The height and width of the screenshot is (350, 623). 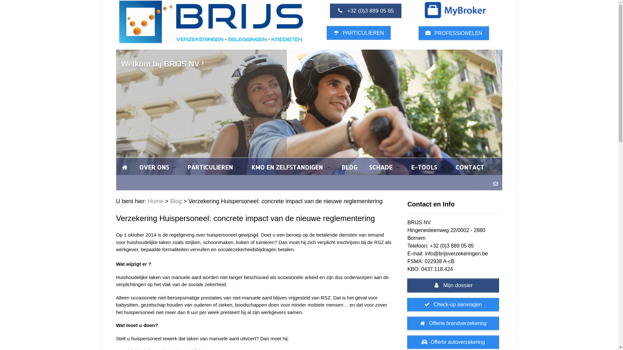 I want to click on 'Blog', so click(x=170, y=201).